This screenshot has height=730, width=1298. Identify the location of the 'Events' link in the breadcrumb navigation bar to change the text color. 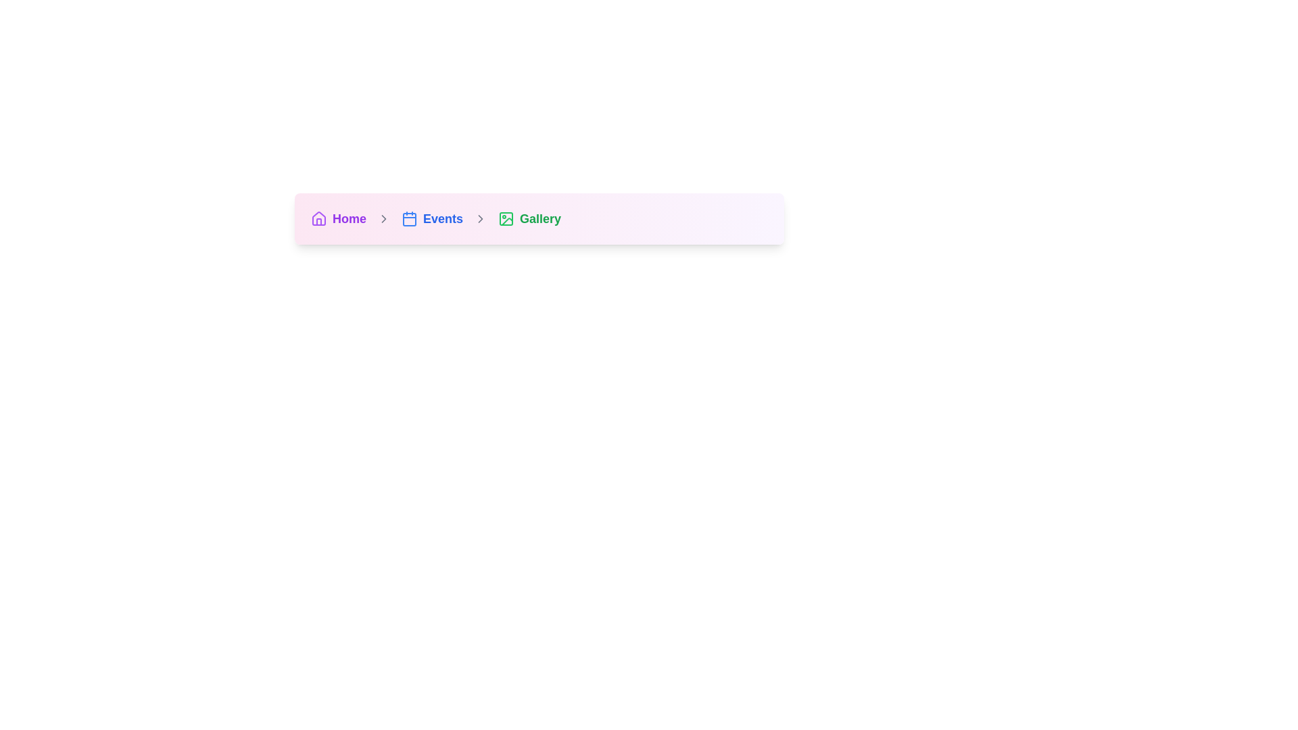
(443, 218).